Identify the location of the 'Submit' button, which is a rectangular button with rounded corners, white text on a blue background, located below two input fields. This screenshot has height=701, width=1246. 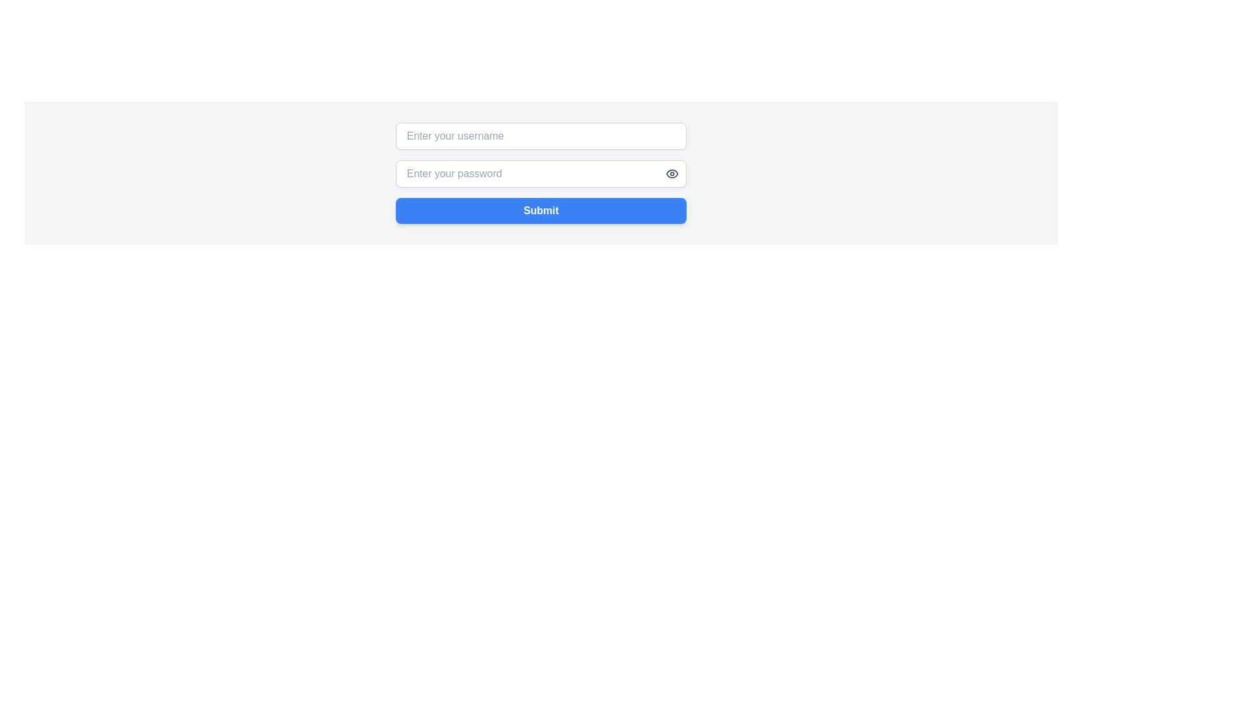
(541, 210).